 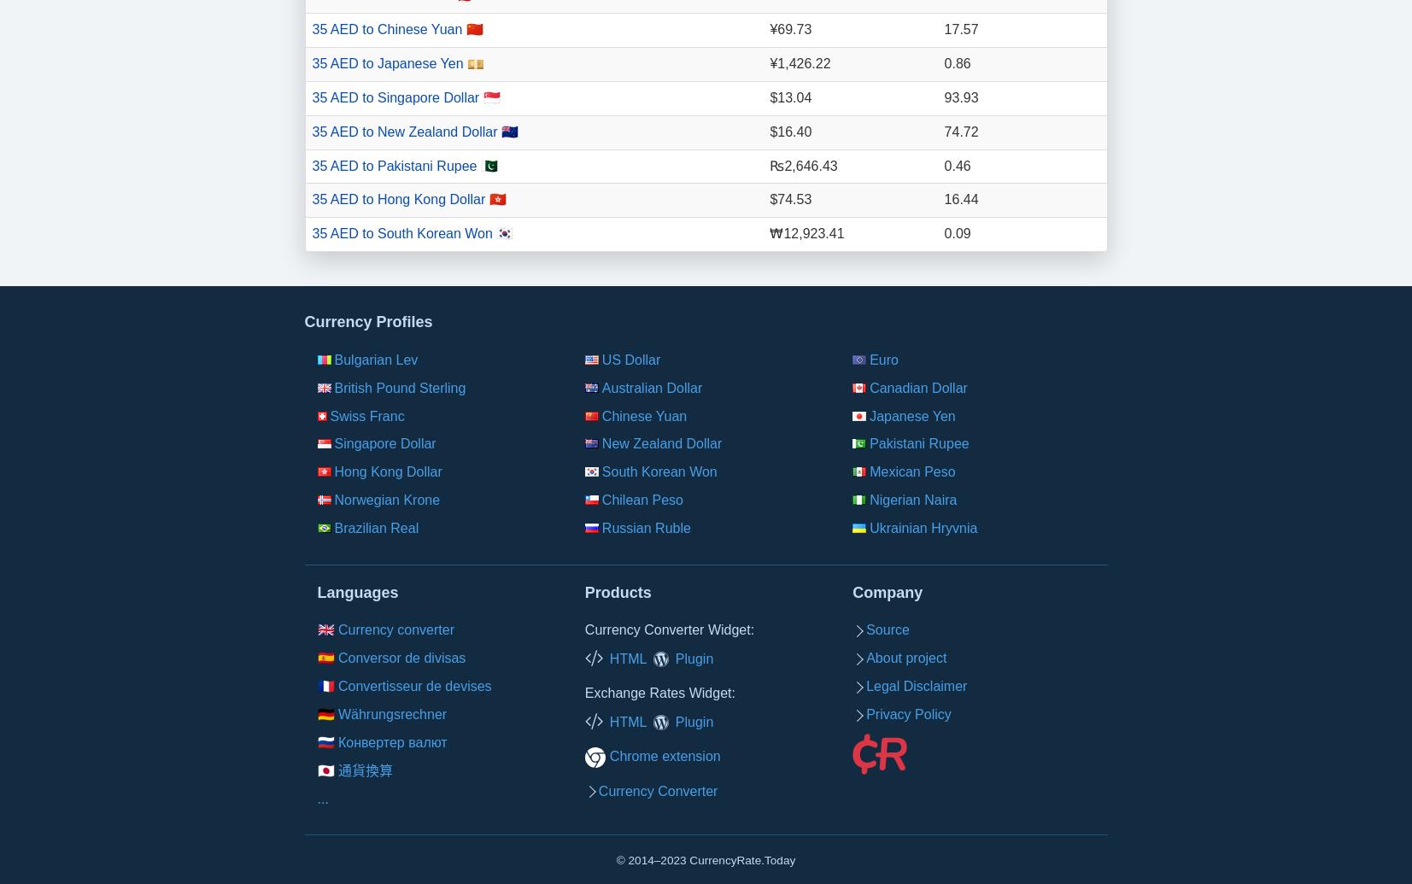 What do you see at coordinates (601, 415) in the screenshot?
I see `'Chinese Yuan'` at bounding box center [601, 415].